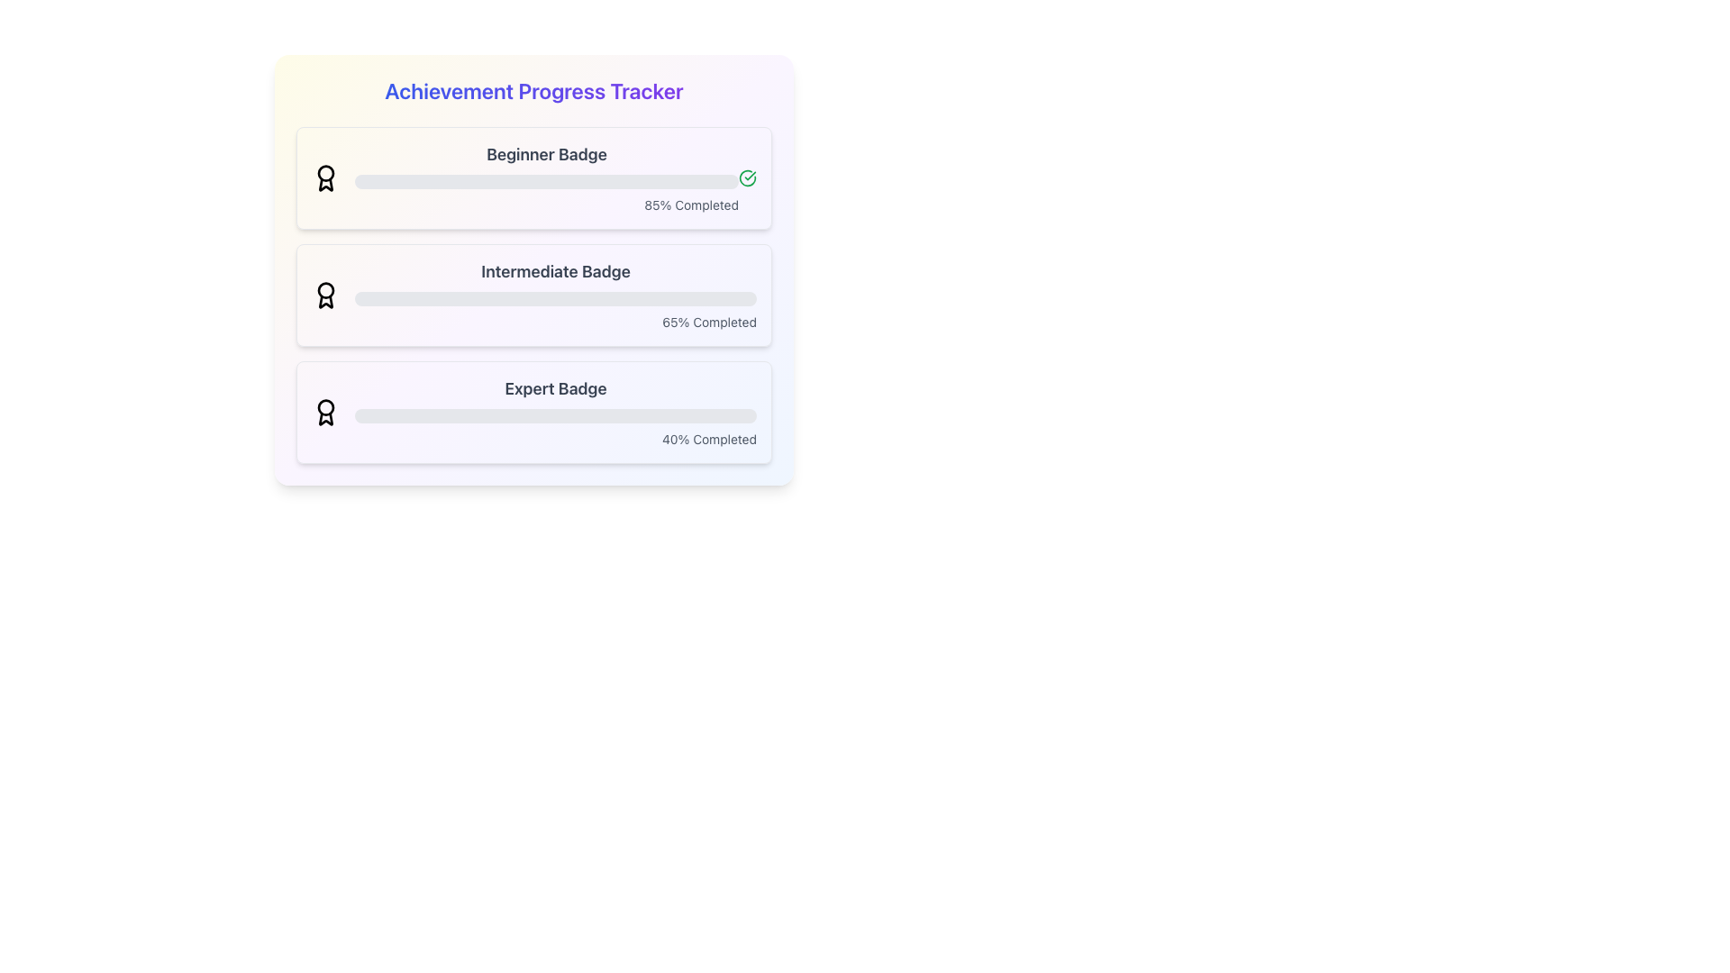 Image resolution: width=1730 pixels, height=973 pixels. I want to click on the 'Beginner Badge' progress bar, which features a light gray background and a blue fill indicating 85% completion, so click(545, 177).